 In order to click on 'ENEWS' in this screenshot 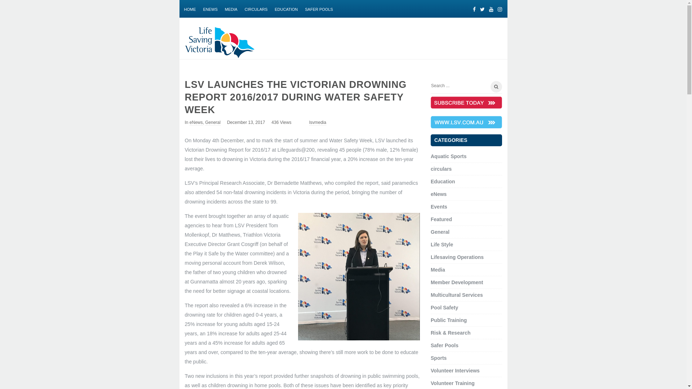, I will do `click(199, 9)`.